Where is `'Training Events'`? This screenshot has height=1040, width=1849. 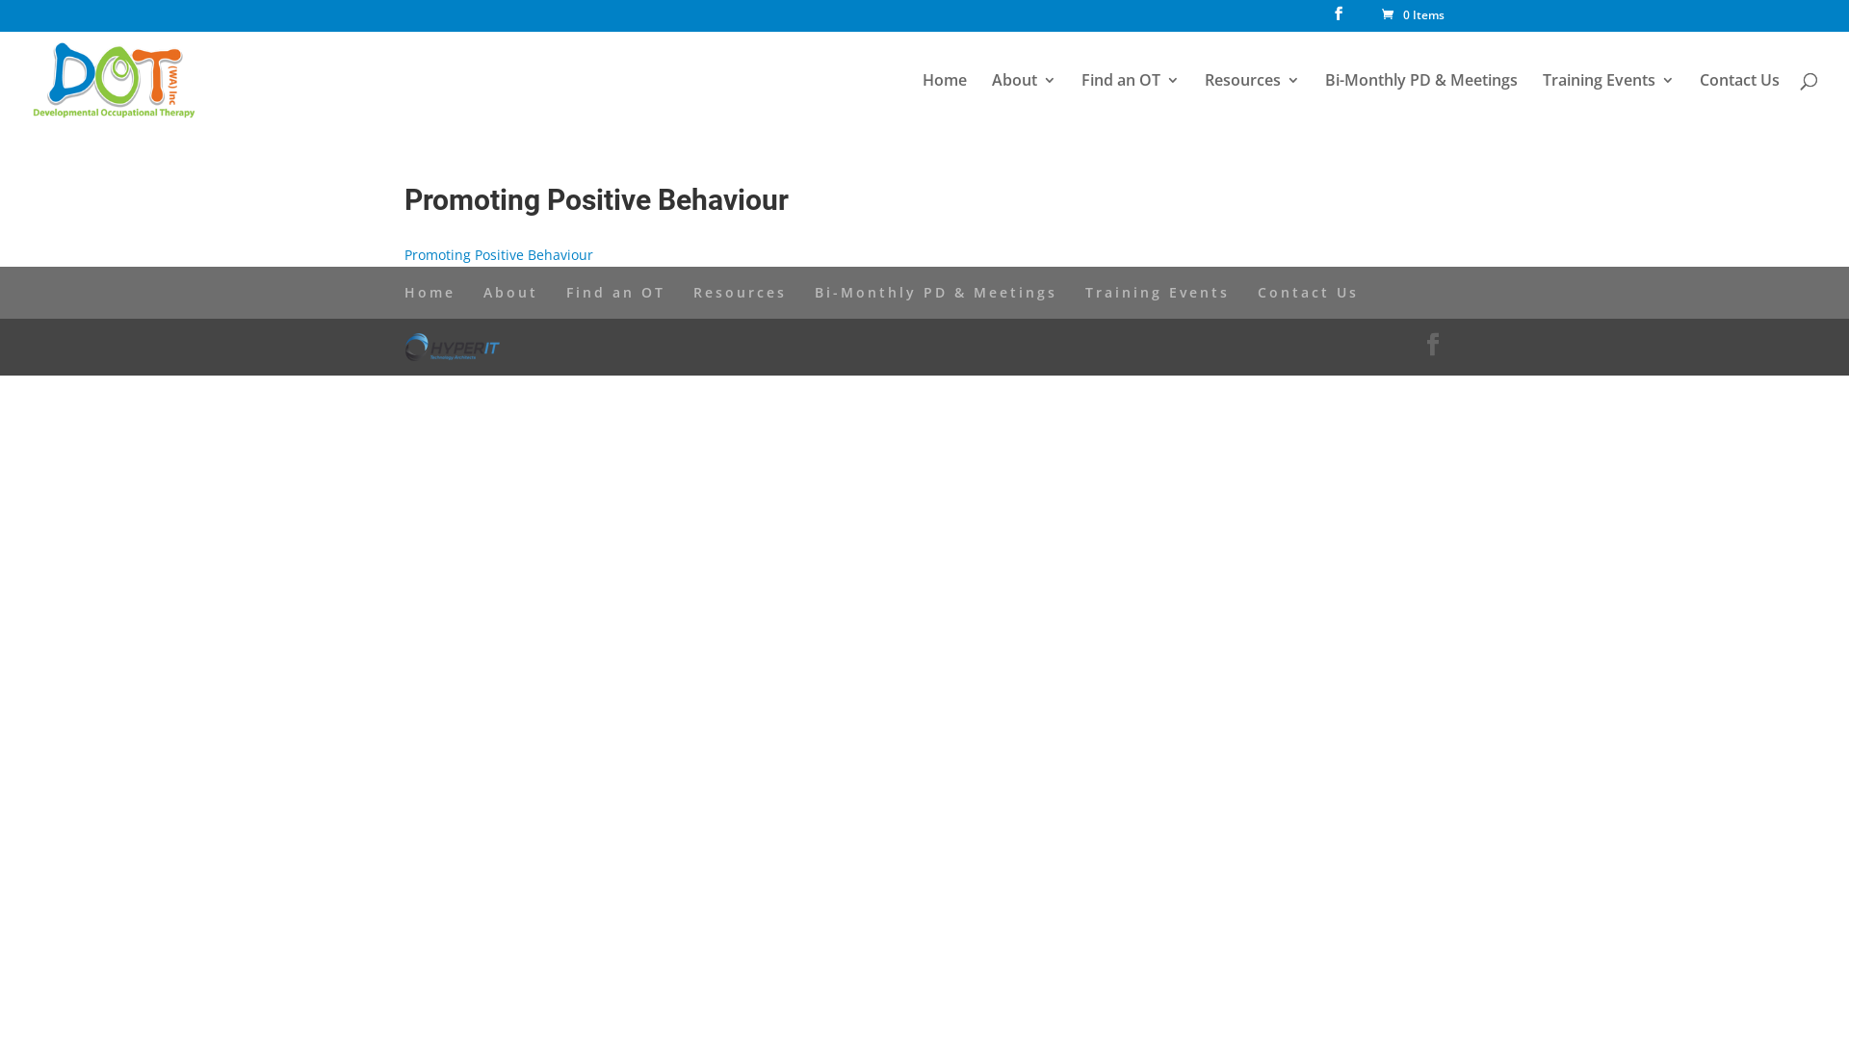
'Training Events' is located at coordinates (1608, 95).